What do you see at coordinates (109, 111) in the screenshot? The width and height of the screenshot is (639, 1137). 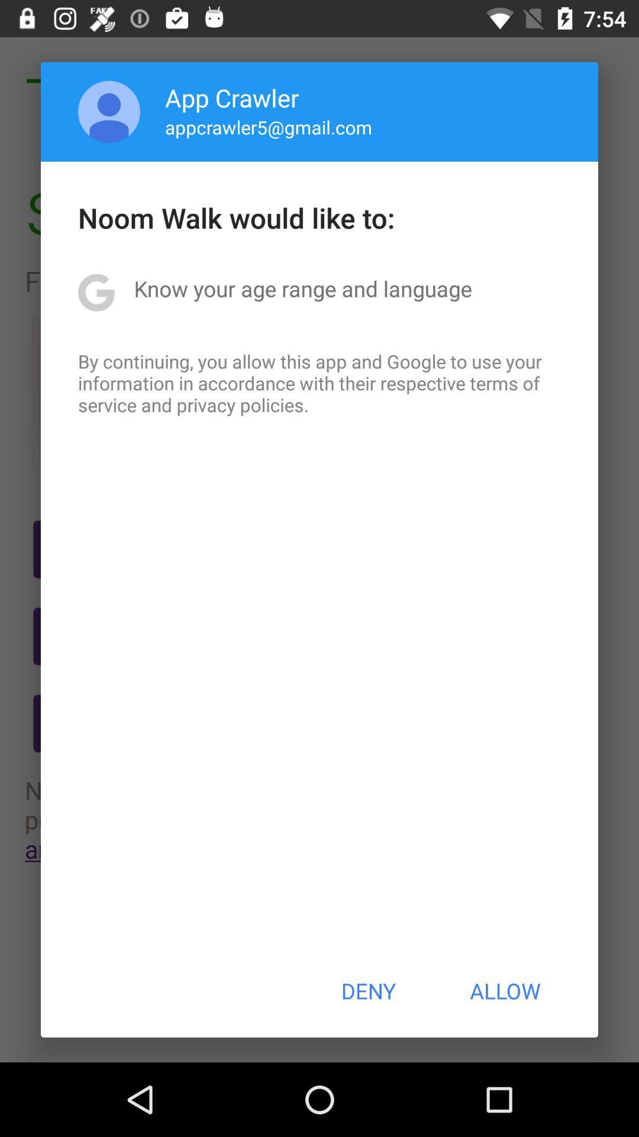 I see `the icon above the noom walk would item` at bounding box center [109, 111].